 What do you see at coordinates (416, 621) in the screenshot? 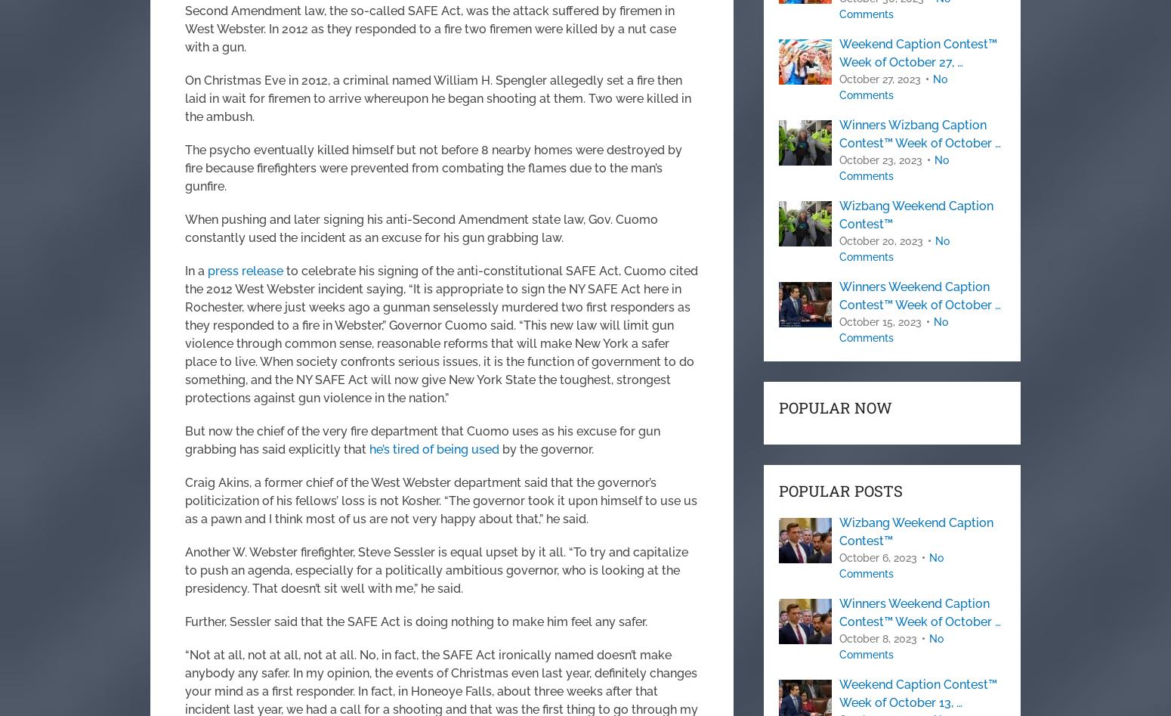
I see `'Further, Sessler said that the SAFE Act is doing nothing to make him feel any safer.'` at bounding box center [416, 621].